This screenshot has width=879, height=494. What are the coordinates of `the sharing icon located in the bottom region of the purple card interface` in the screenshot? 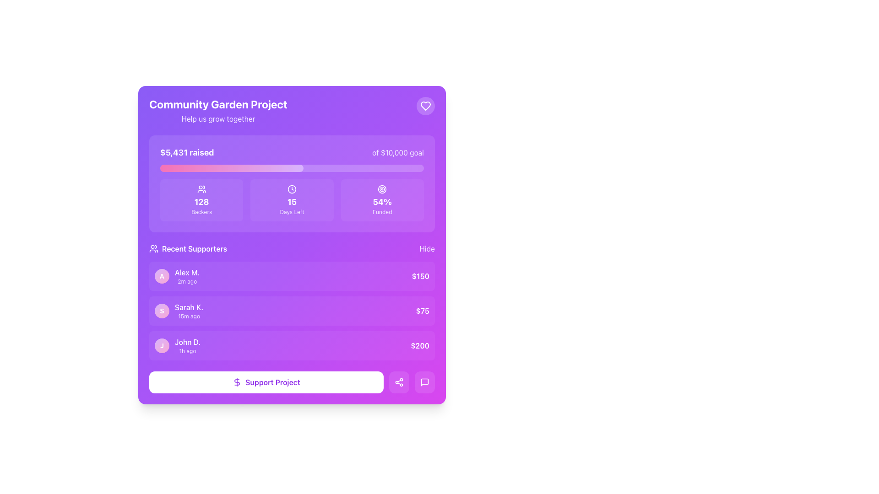 It's located at (399, 382).